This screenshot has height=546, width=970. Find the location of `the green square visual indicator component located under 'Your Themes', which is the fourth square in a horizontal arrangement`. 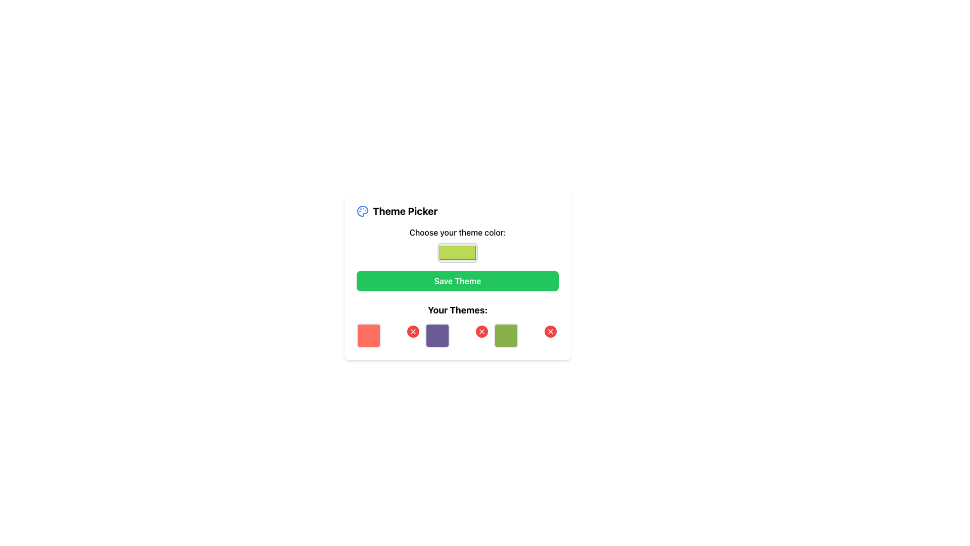

the green square visual indicator component located under 'Your Themes', which is the fourth square in a horizontal arrangement is located at coordinates (506, 335).